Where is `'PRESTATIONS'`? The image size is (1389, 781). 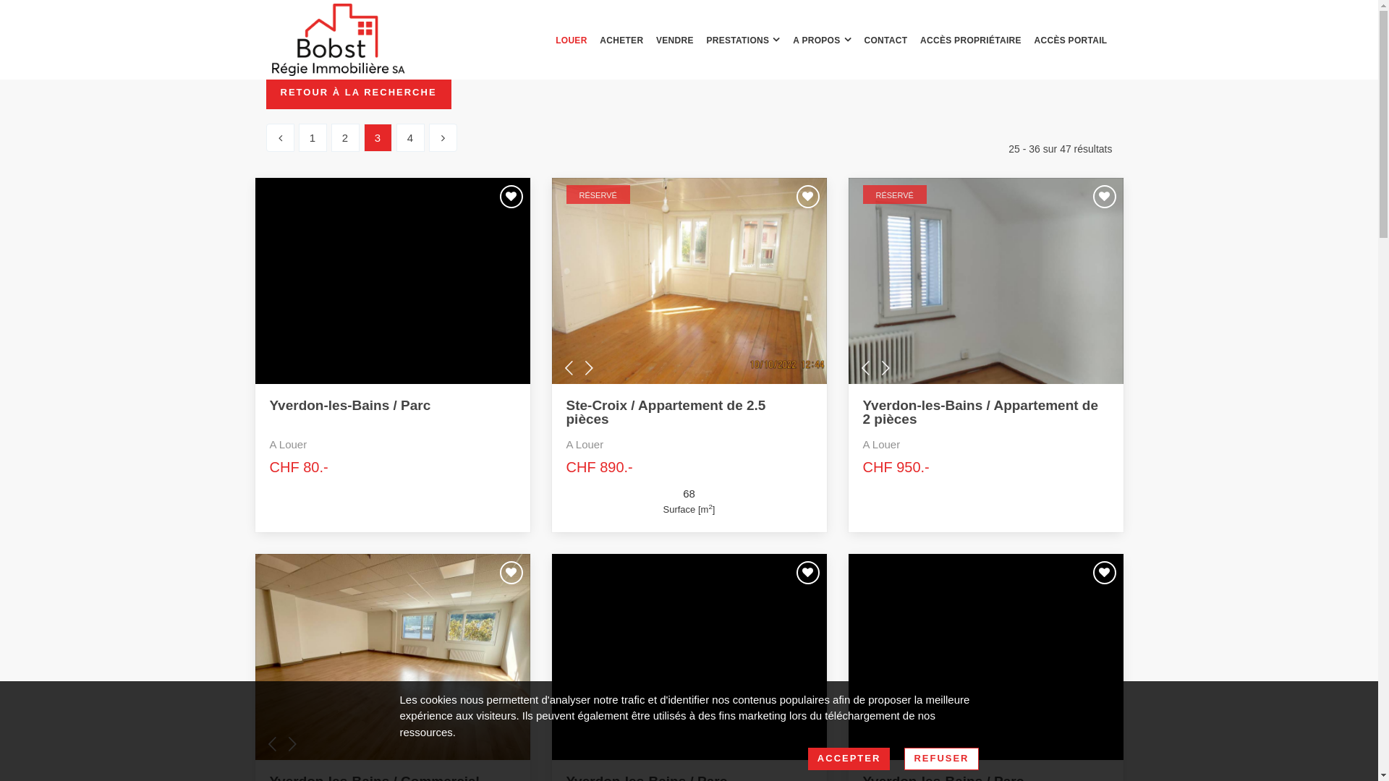
'PRESTATIONS' is located at coordinates (743, 40).